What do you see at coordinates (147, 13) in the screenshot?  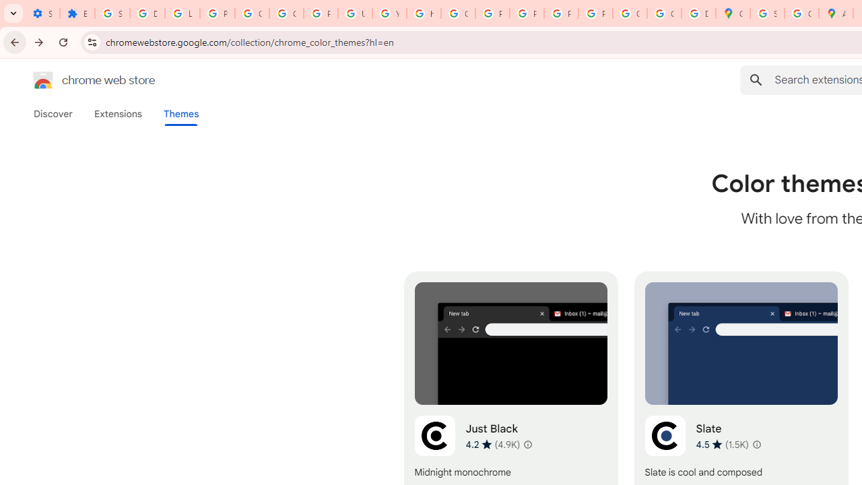 I see `'Delete photos & videos - Computer - Google Photos Help'` at bounding box center [147, 13].